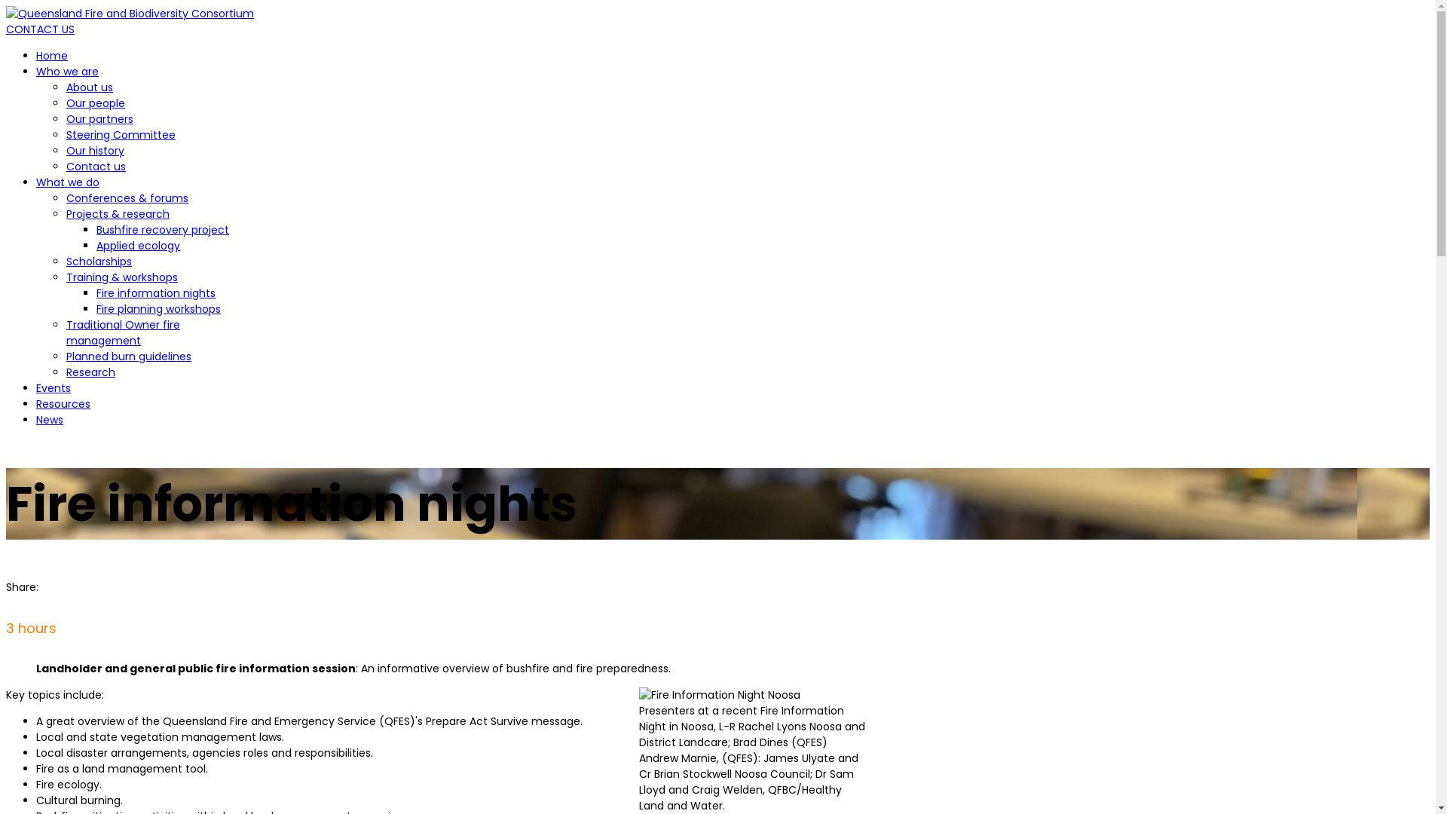 This screenshot has height=814, width=1447. Describe the element at coordinates (62, 403) in the screenshot. I see `'Resources'` at that location.